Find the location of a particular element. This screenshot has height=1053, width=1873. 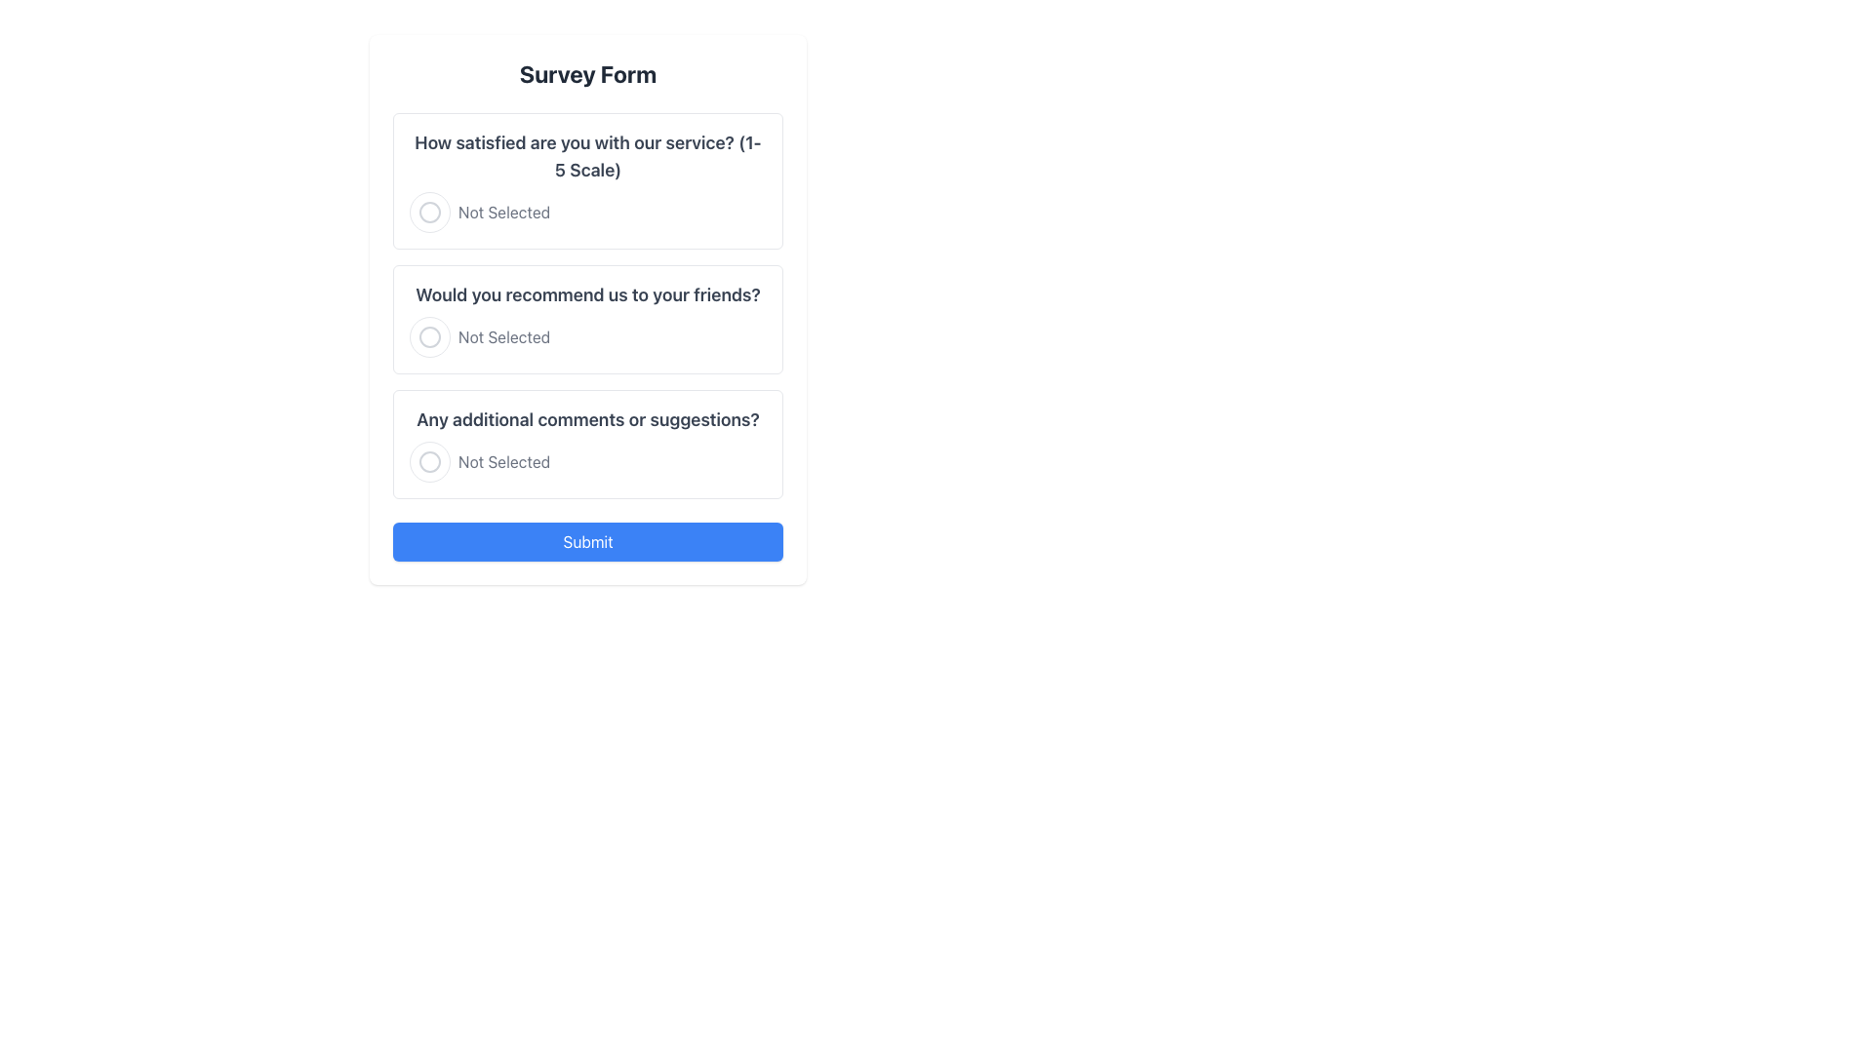

the 'Submit' button at the bottom of the 'Survey Form' is located at coordinates (587, 541).